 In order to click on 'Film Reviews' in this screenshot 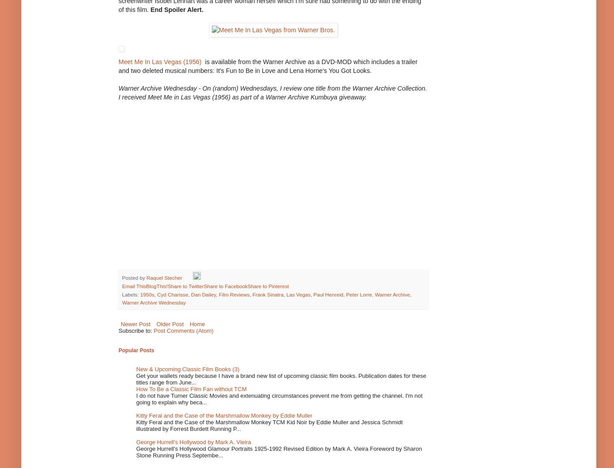, I will do `click(218, 294)`.